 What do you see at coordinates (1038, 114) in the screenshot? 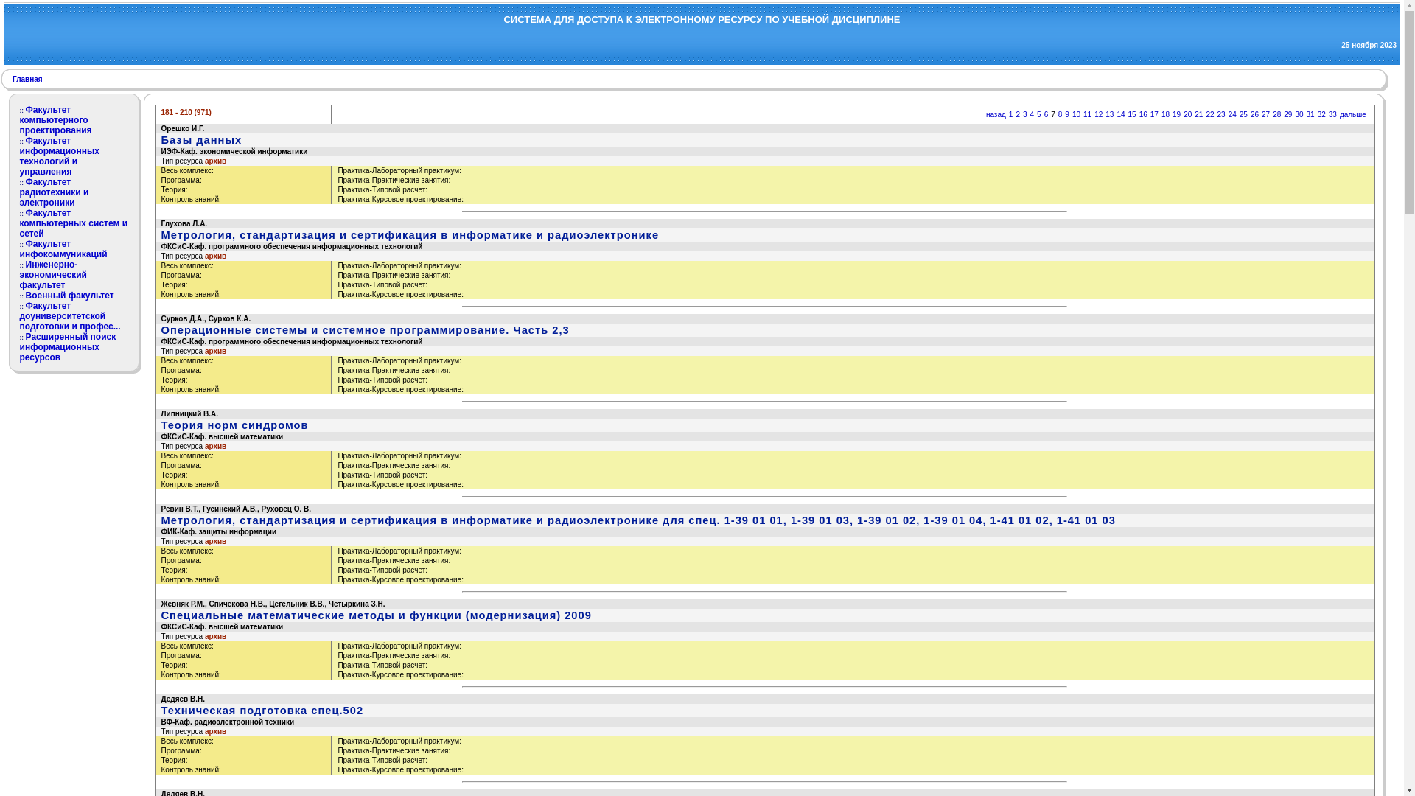
I see `'5'` at bounding box center [1038, 114].